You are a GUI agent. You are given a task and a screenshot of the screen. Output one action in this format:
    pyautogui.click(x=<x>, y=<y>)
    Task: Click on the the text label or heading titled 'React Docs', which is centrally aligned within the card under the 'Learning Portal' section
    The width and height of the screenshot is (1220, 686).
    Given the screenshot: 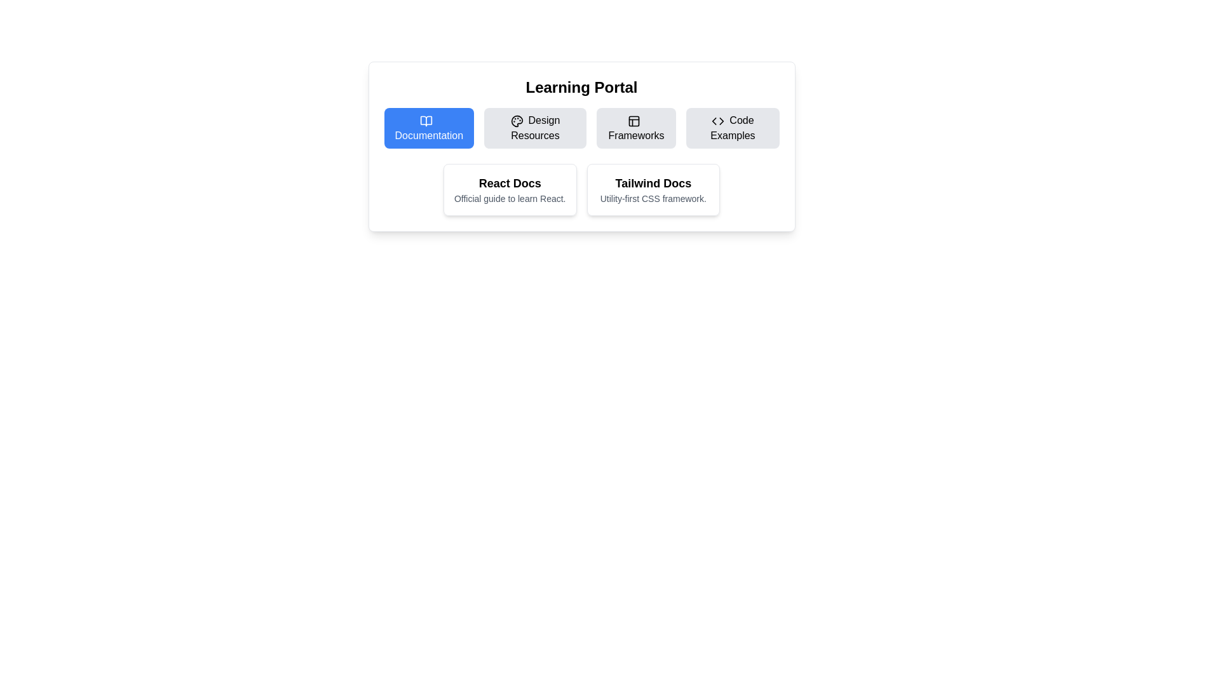 What is the action you would take?
    pyautogui.click(x=510, y=184)
    